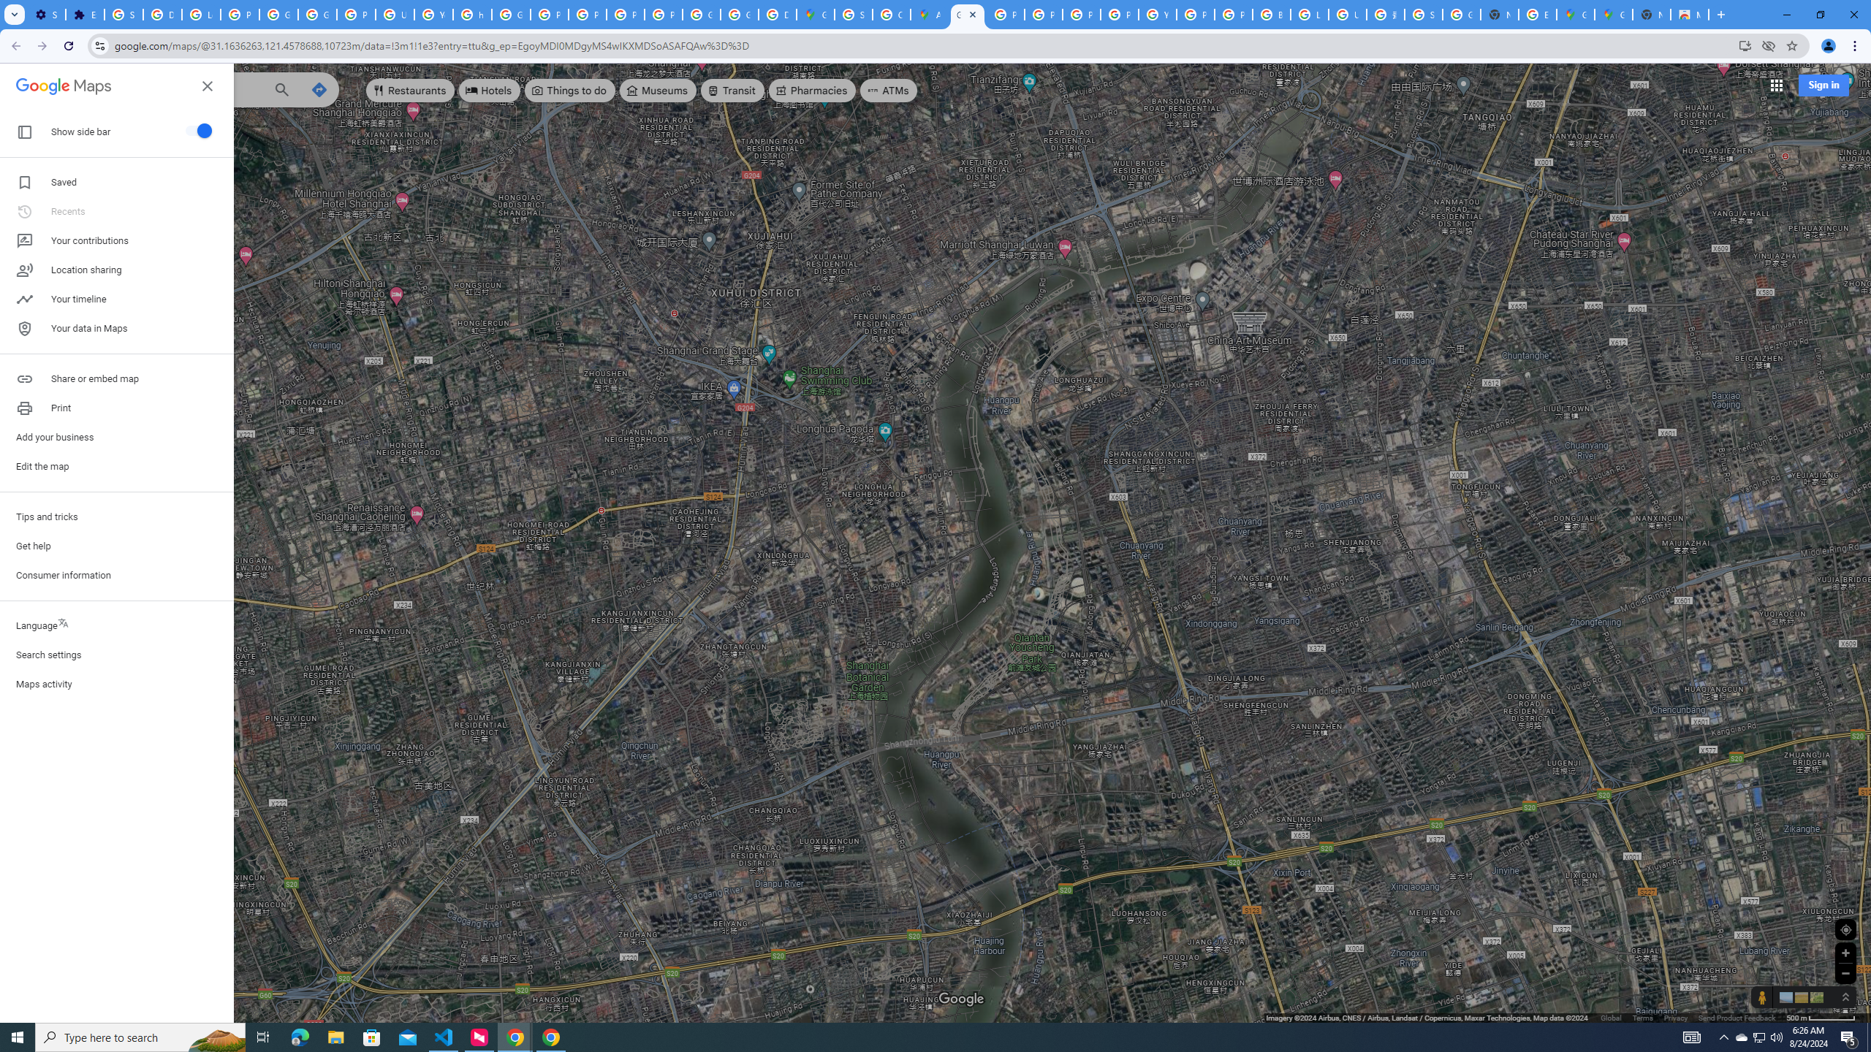  What do you see at coordinates (1845, 952) in the screenshot?
I see `'Zoom in'` at bounding box center [1845, 952].